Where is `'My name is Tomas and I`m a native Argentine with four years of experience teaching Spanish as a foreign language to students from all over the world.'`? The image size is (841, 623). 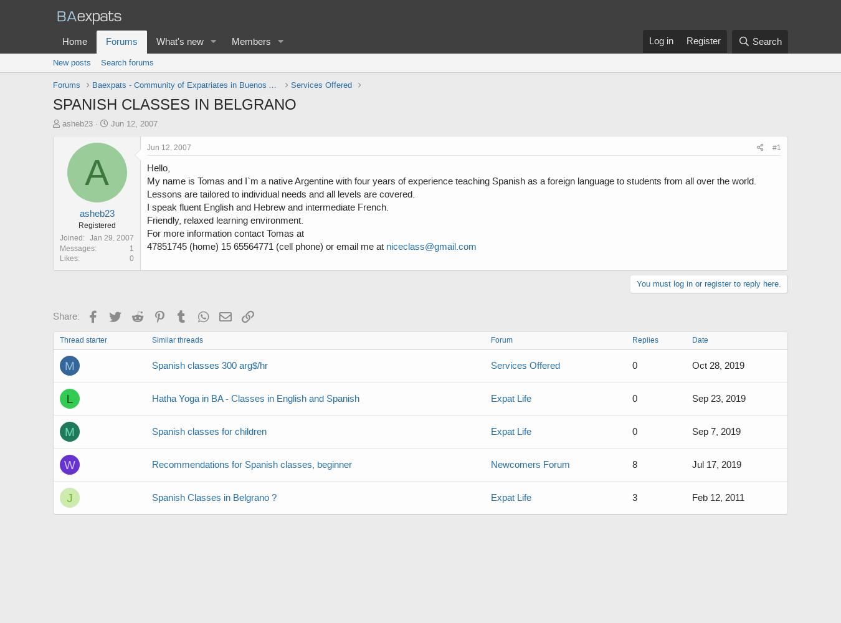 'My name is Tomas and I`m a native Argentine with four years of experience teaching Spanish as a foreign language to students from all over the world.' is located at coordinates (450, 181).